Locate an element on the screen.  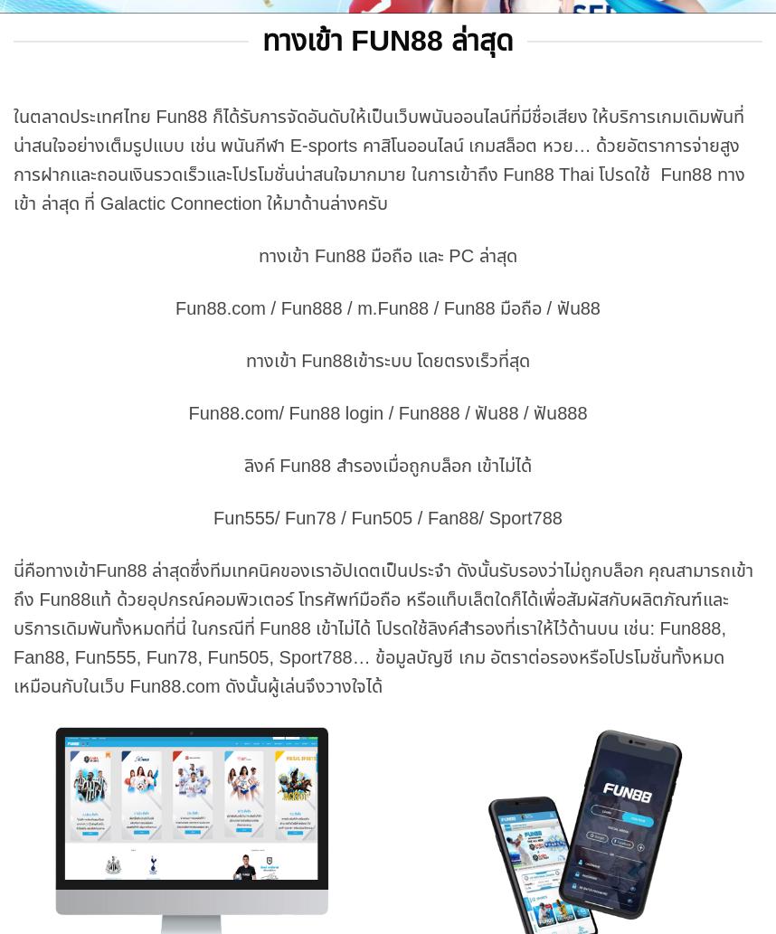
'ในตลาดประเทศไทย Fun88 ก็ได้รับการจัดอันดับให้เป็นเว็บพนันออนไลน์ที่มีชื่อเสียง ให้บริการเกมเดิมพันที่น่าสนใจอย่างเต็มรูปแบบ เช่น พนันกีฬา E-sports คาสิโนออนไลน์ เกมสล็อต หวย… ด้วยอัตราการจ่ายสูง การฝากและถอนเงินรวดเร็วและโปรโมชั่นน่าสนใจมากมาย ในการเข้าถึง' is located at coordinates (377, 145).